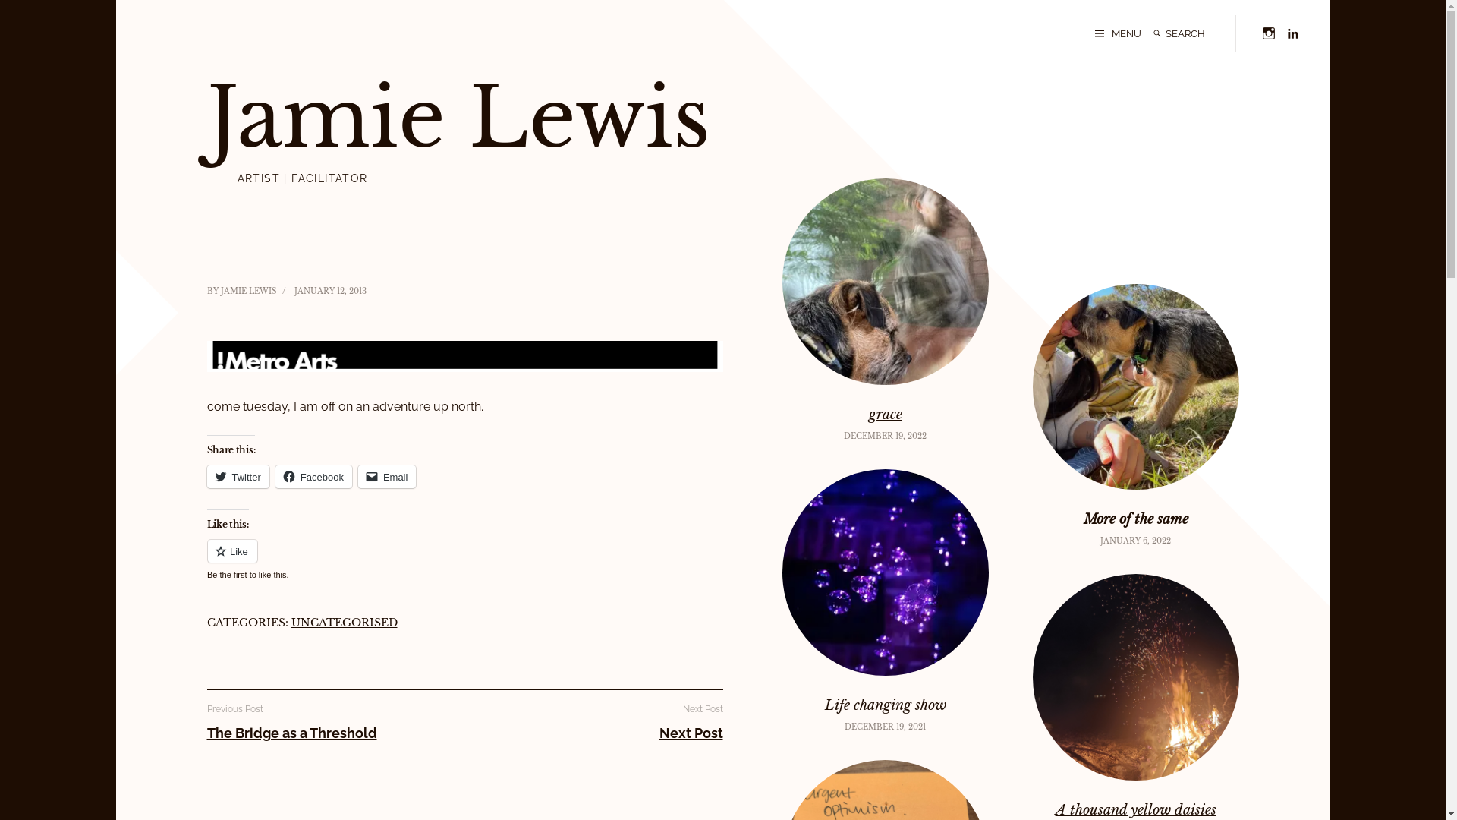 Image resolution: width=1457 pixels, height=820 pixels. What do you see at coordinates (885, 415) in the screenshot?
I see `'grace'` at bounding box center [885, 415].